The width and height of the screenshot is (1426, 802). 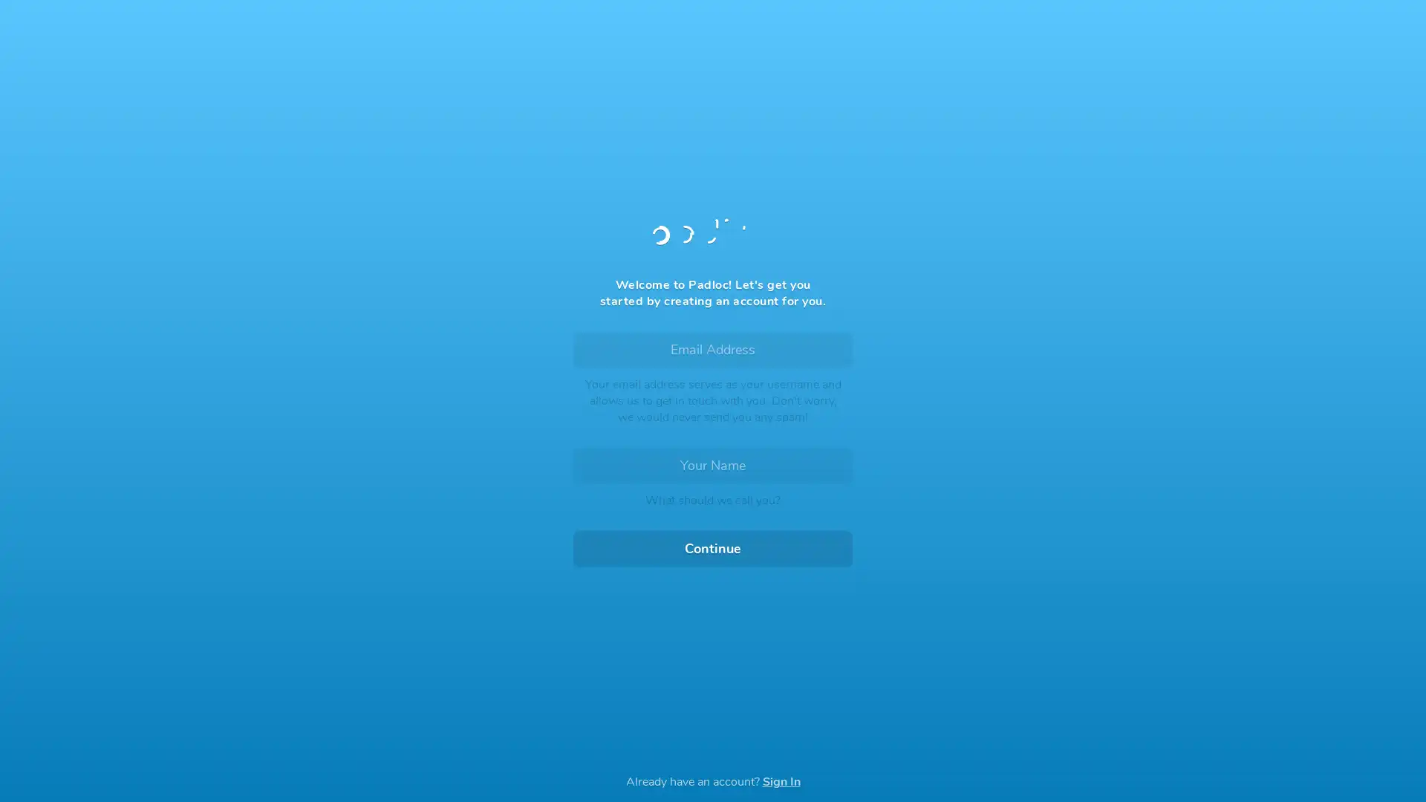 I want to click on Continue, so click(x=713, y=549).